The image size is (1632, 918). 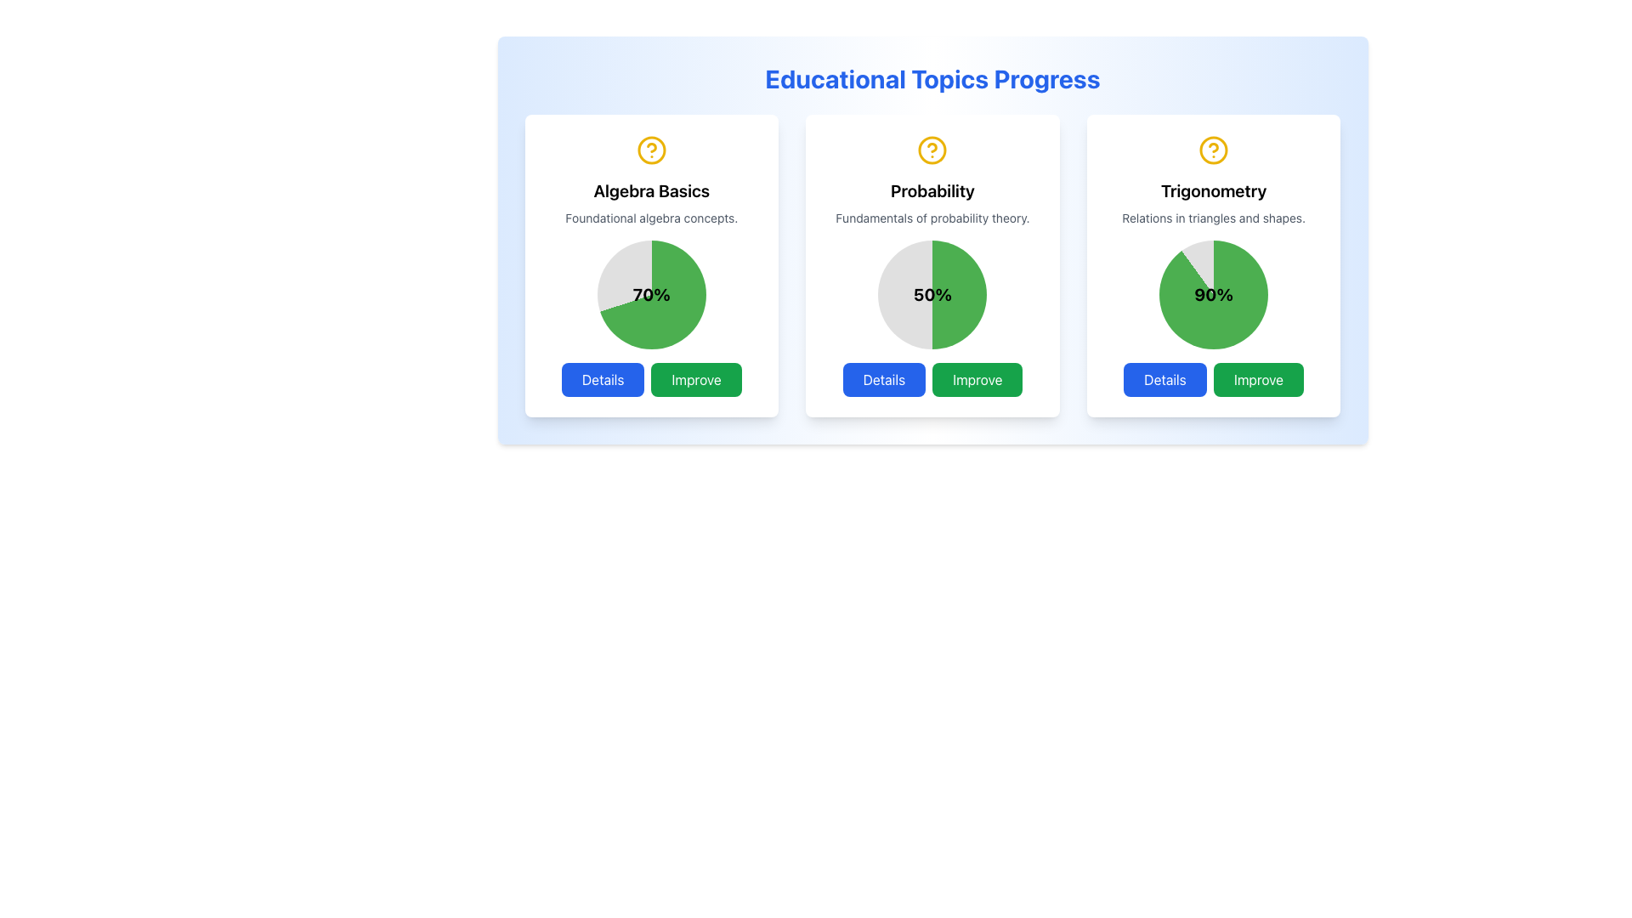 What do you see at coordinates (650, 294) in the screenshot?
I see `progress value displayed in the Text Label indicating 70% completion for the 'Algebra Basics' task, located at the center of the circular progress indicator` at bounding box center [650, 294].